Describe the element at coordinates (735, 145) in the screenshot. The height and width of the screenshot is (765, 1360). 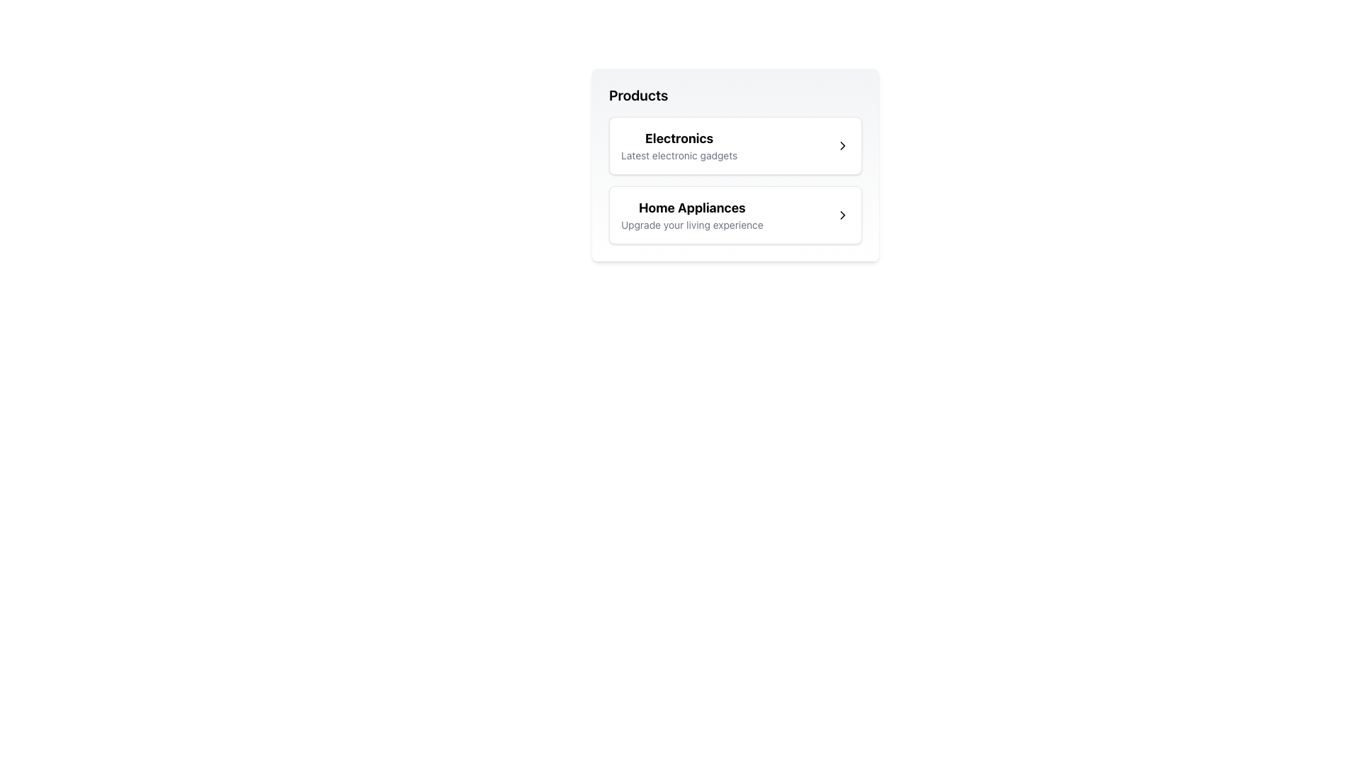
I see `the 'Electronics' category card` at that location.